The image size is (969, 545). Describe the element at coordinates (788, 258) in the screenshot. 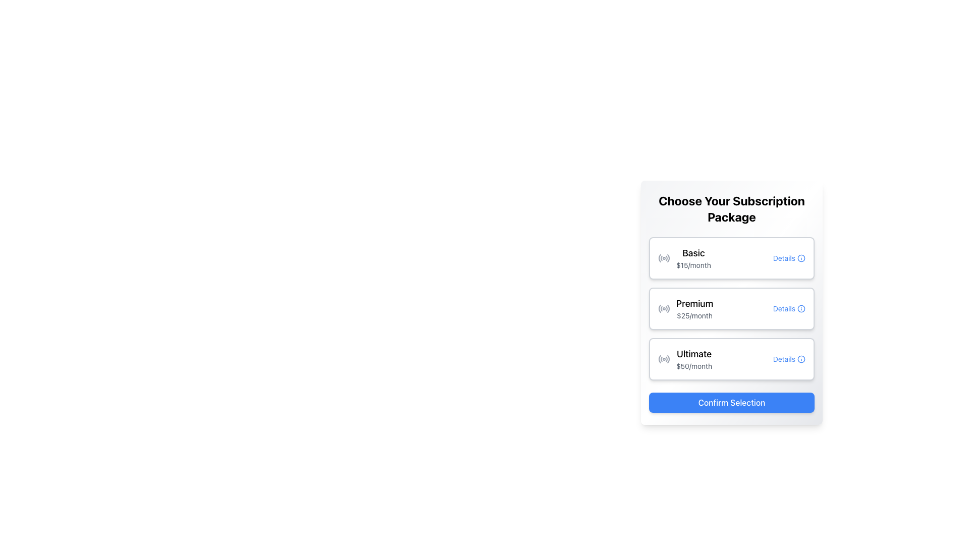

I see `the interactive text link labeled 'Details' with an info icon, located to the right of the 'Basic $15/month' text block` at that location.